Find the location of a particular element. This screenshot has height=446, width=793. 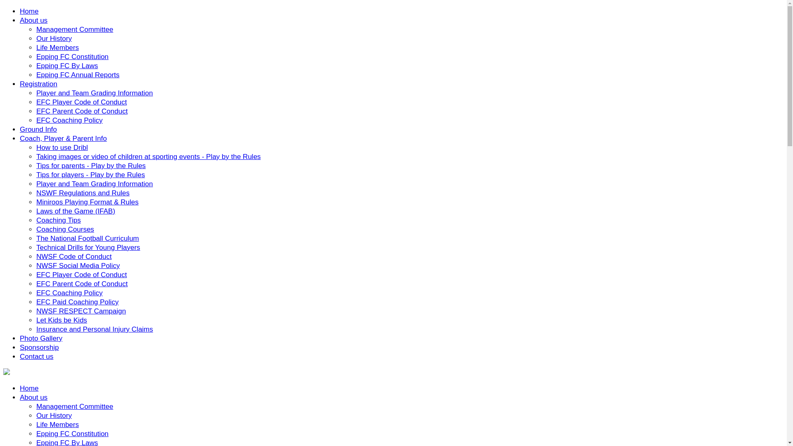

'Home' is located at coordinates (29, 388).